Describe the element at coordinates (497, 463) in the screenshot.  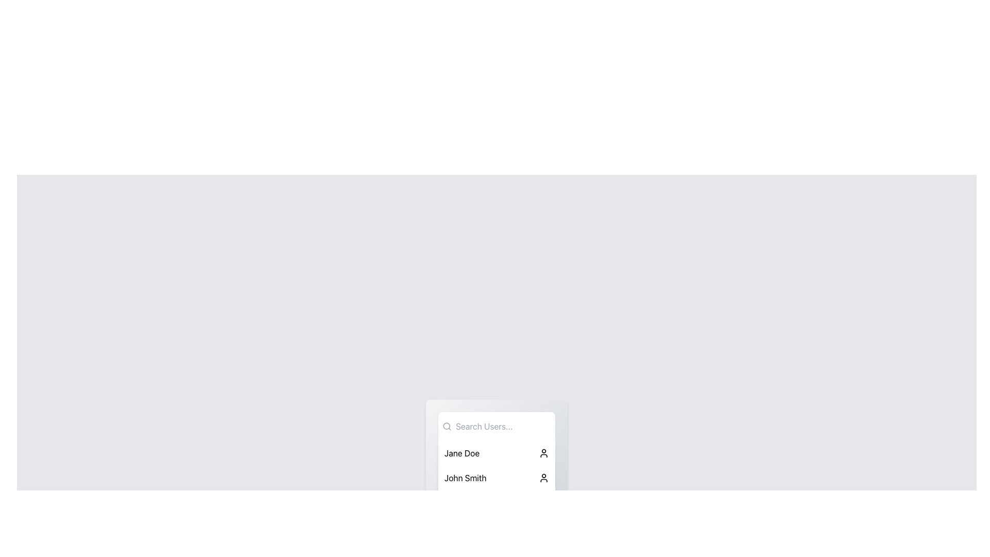
I see `the user entry in the dropdown list` at that location.